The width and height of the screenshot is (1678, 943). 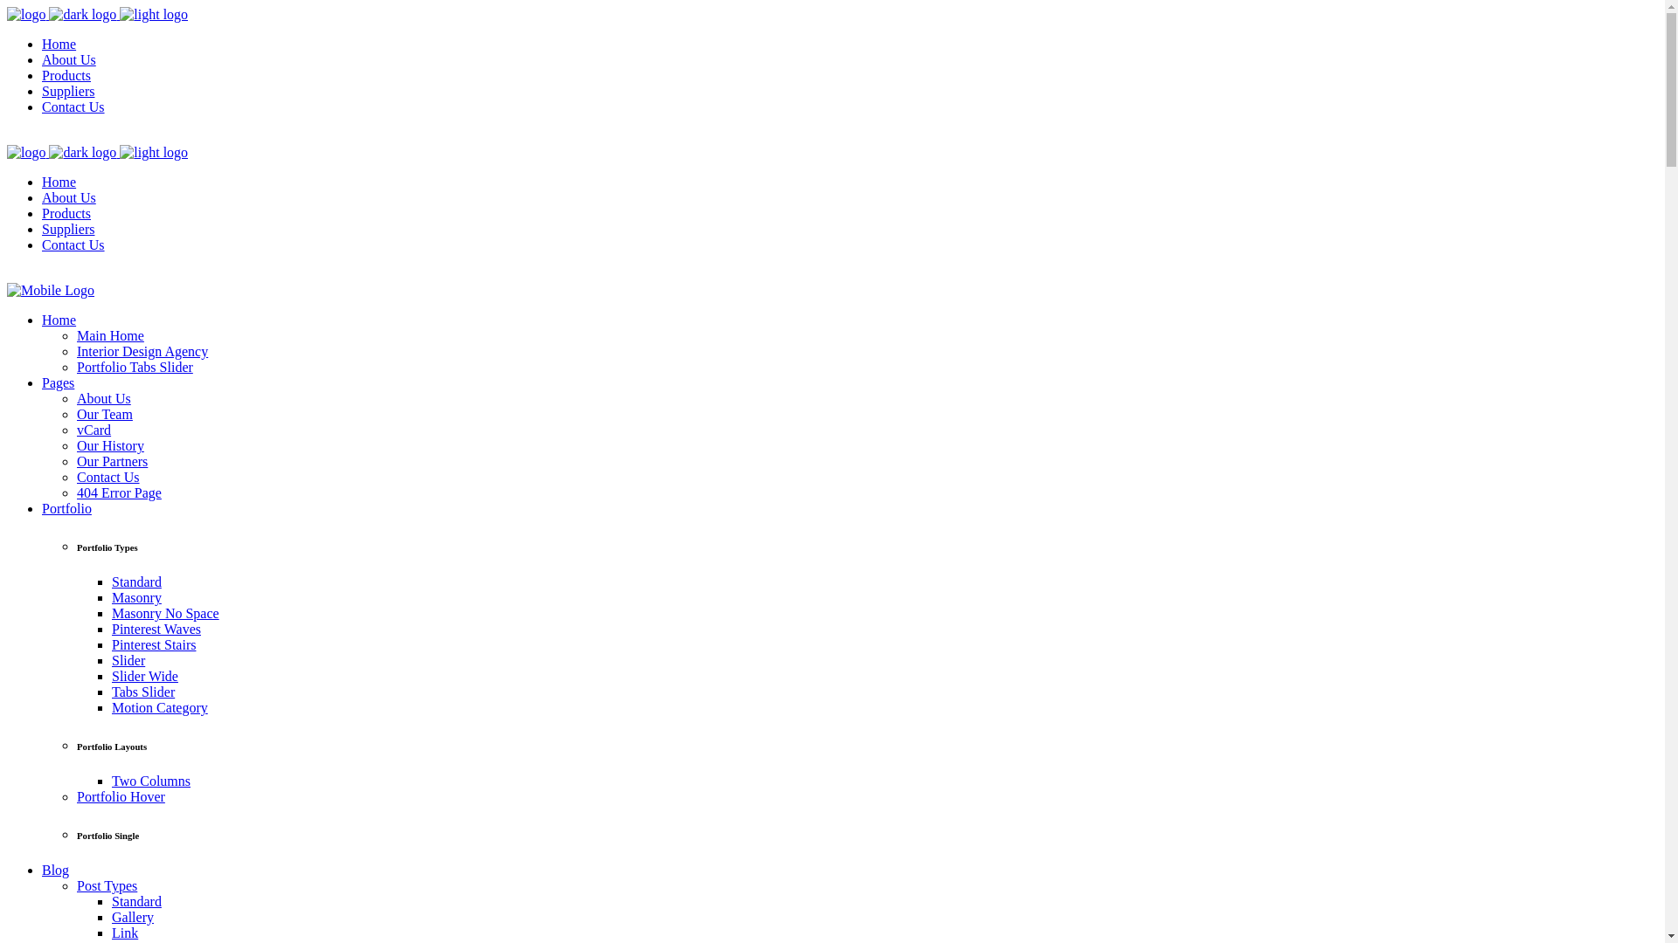 I want to click on 'Tabs Slider', so click(x=142, y=691).